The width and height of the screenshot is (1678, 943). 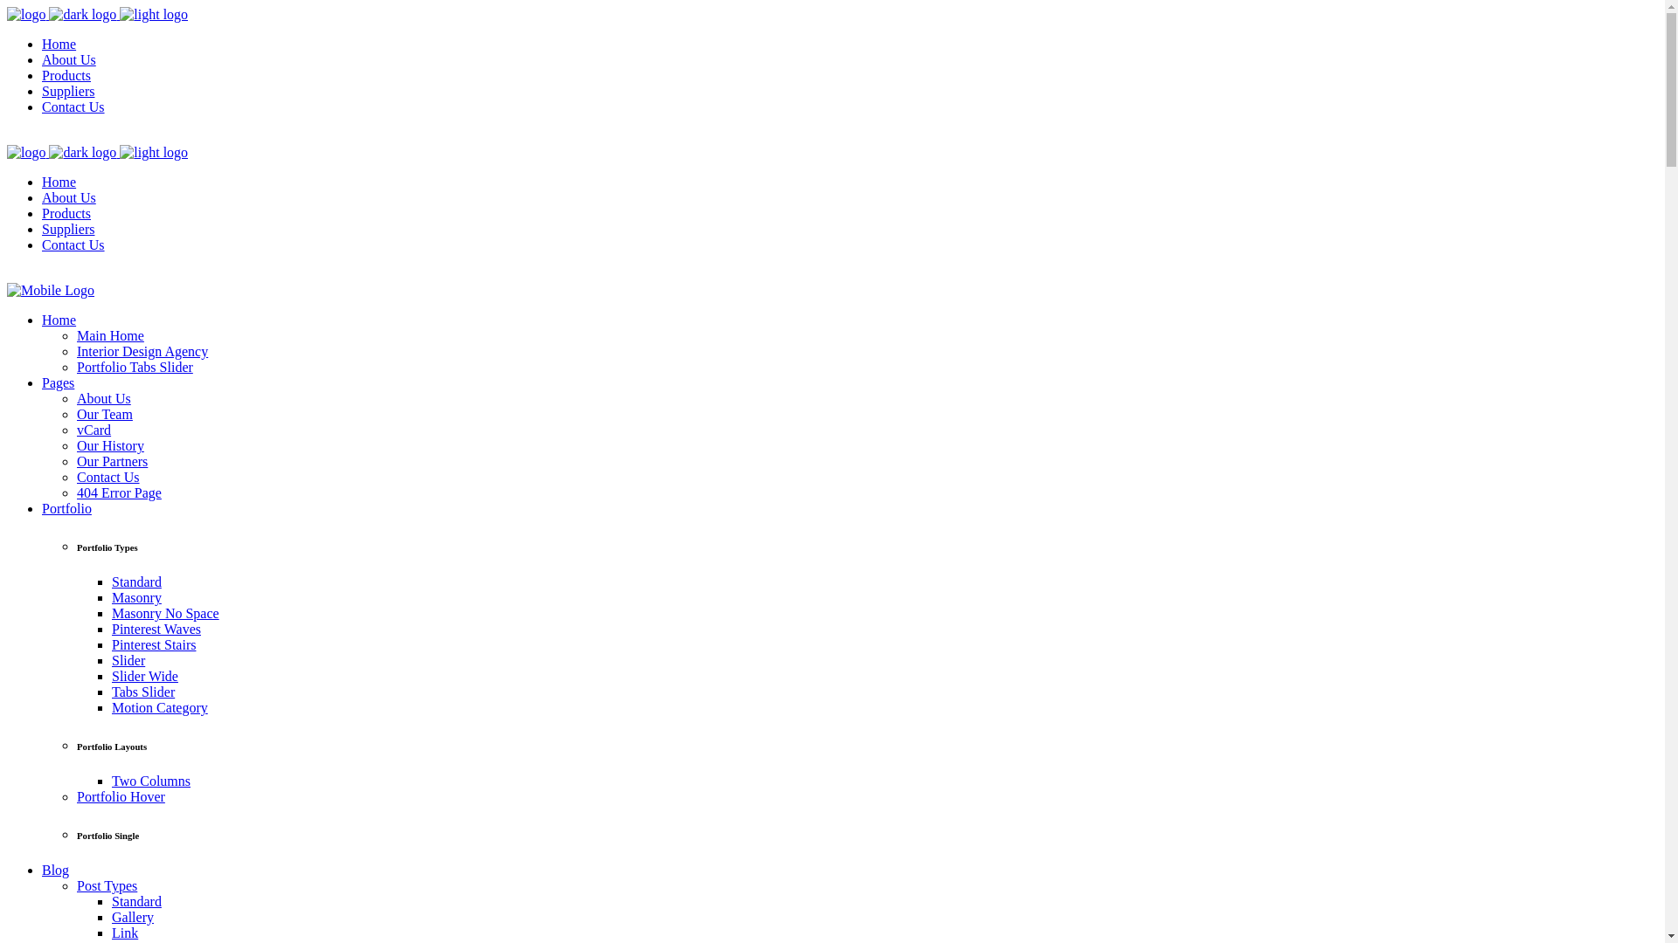 I want to click on 'Tabs Slider', so click(x=142, y=691).